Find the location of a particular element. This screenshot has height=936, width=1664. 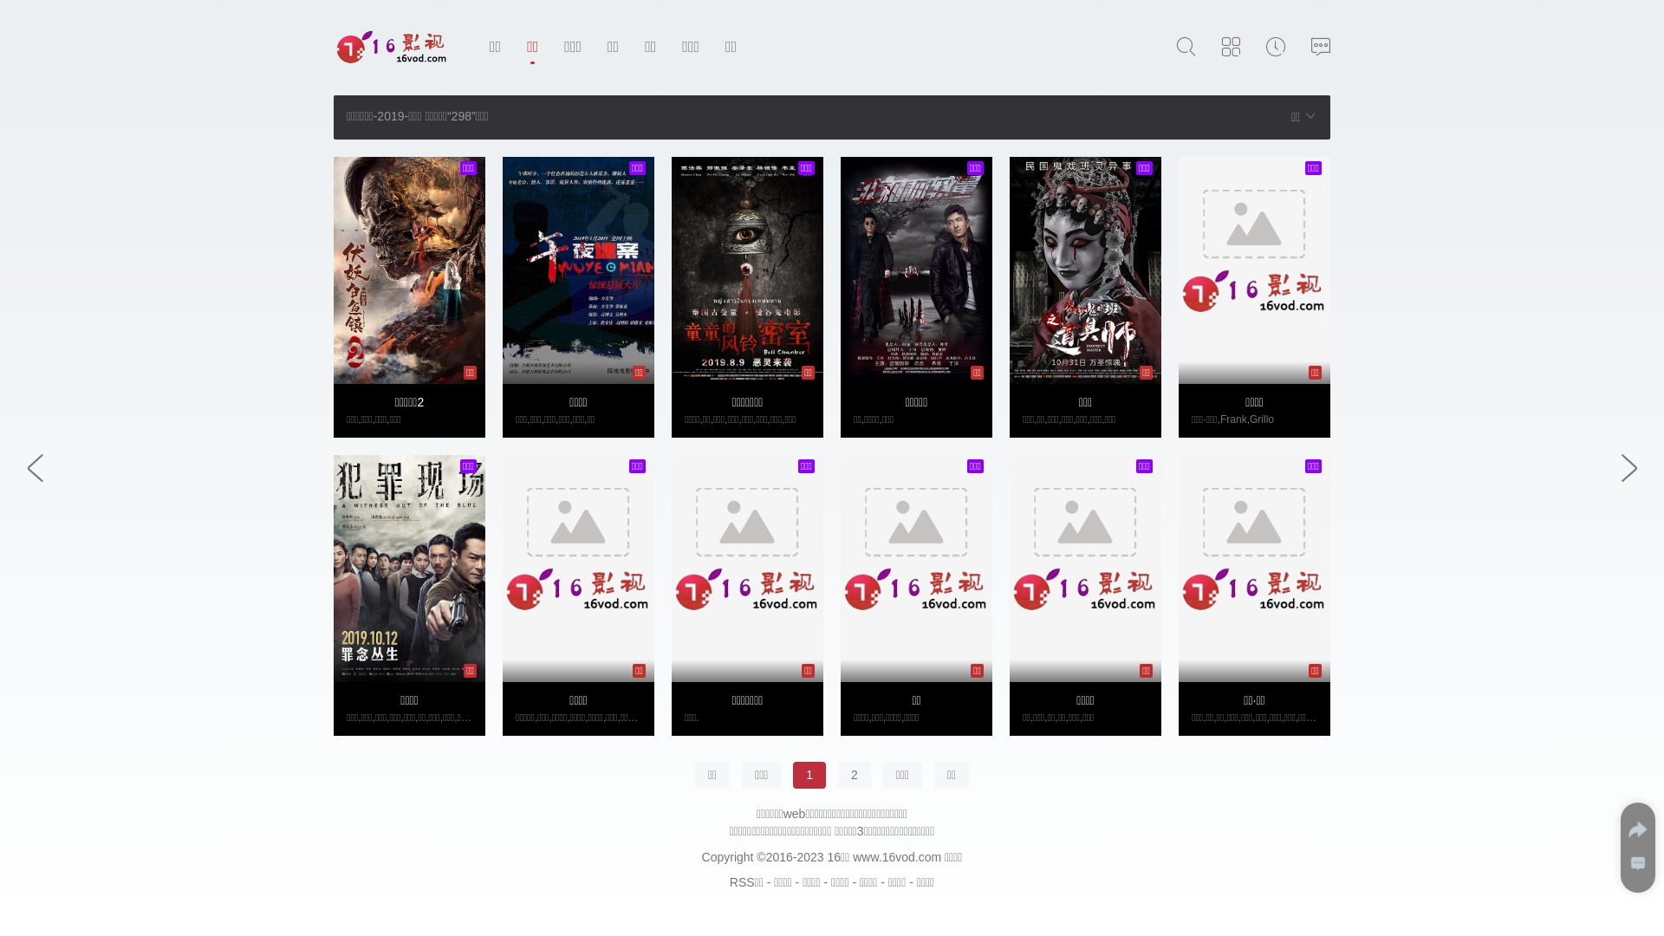

'1' is located at coordinates (809, 774).